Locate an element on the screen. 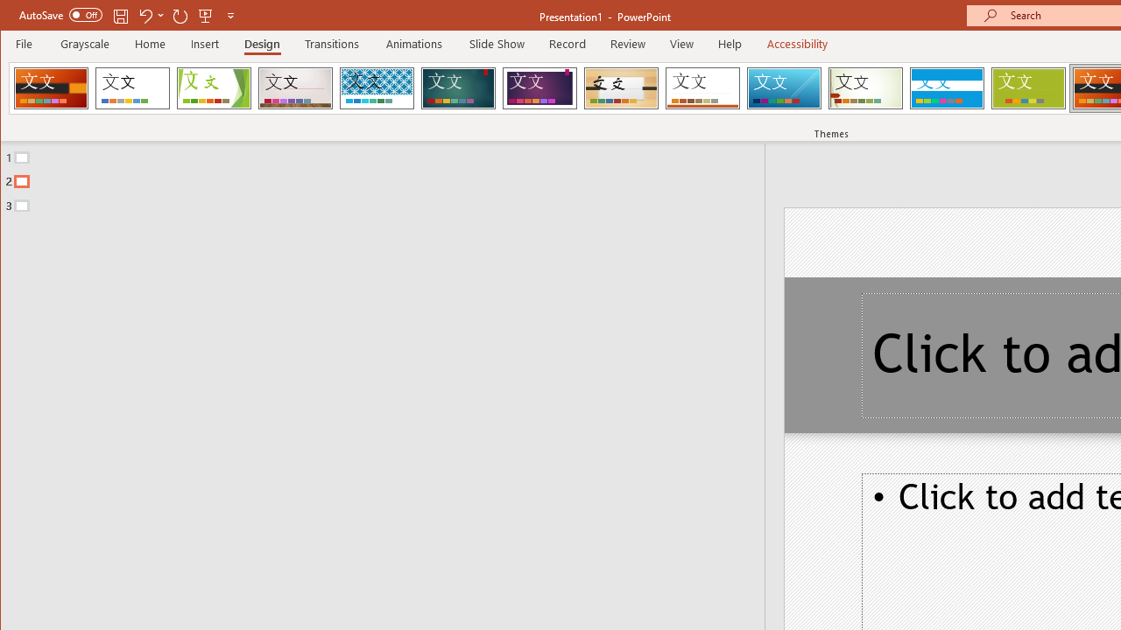 The width and height of the screenshot is (1121, 630). 'Ion Boardroom' is located at coordinates (539, 87).